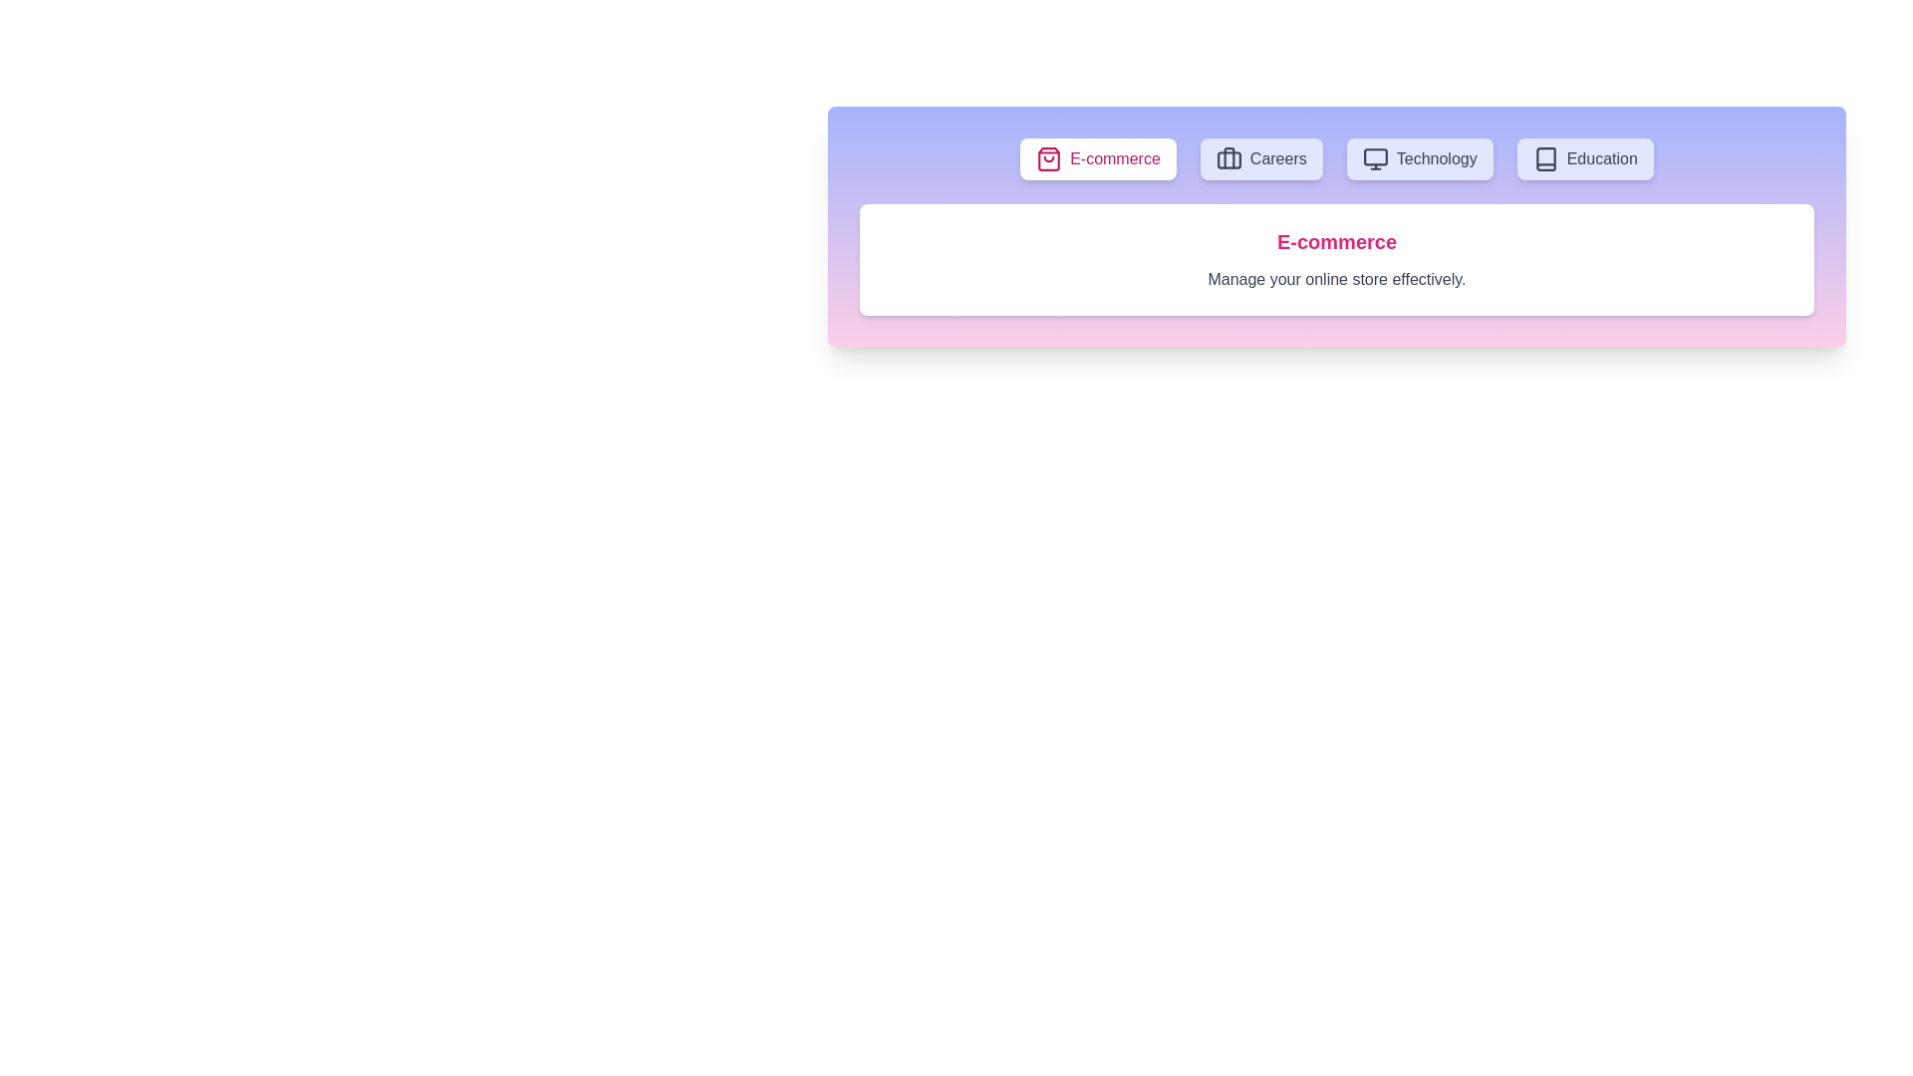 Image resolution: width=1913 pixels, height=1076 pixels. Describe the element at coordinates (1260, 157) in the screenshot. I see `the Careers tab` at that location.